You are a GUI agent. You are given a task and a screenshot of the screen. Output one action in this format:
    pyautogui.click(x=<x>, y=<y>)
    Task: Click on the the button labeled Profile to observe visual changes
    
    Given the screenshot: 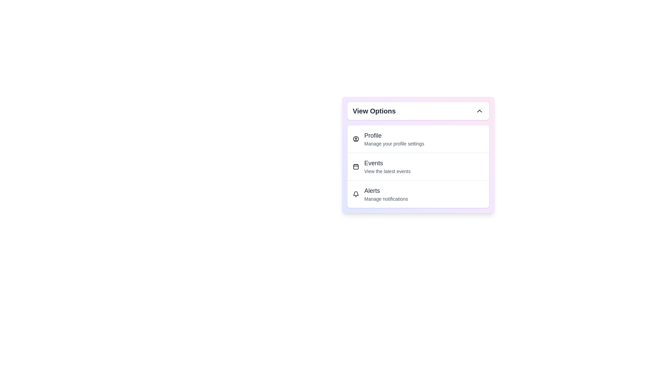 What is the action you would take?
    pyautogui.click(x=418, y=139)
    